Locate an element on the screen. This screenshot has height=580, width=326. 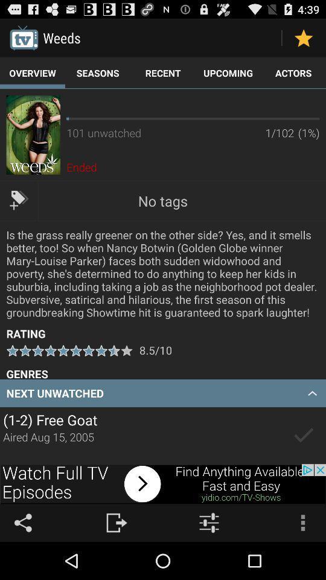
click the thumbnail is located at coordinates (33, 135).